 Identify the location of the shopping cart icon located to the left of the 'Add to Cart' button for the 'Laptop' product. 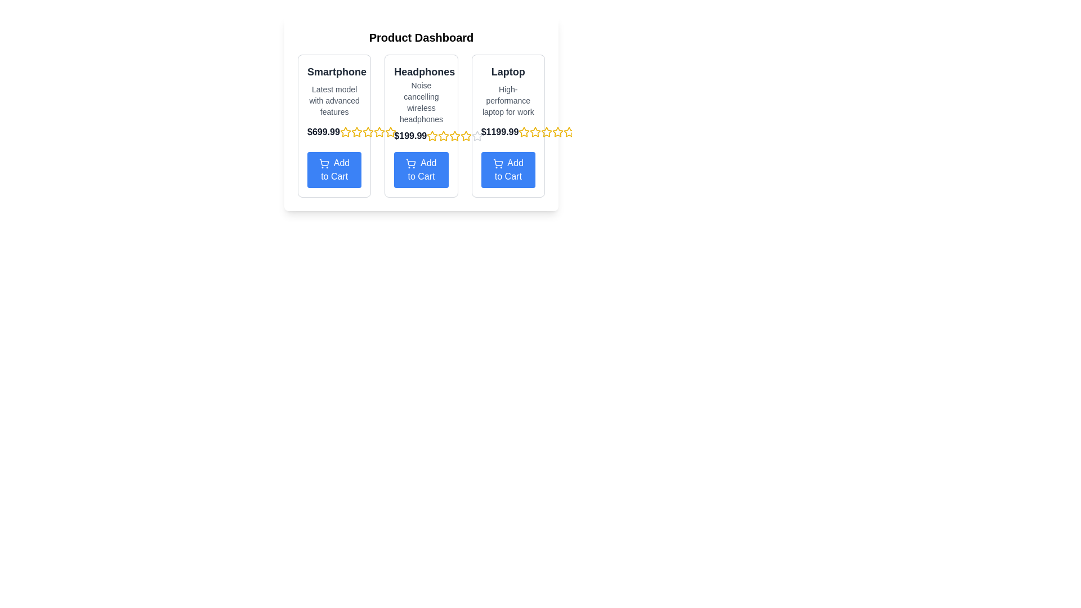
(497, 163).